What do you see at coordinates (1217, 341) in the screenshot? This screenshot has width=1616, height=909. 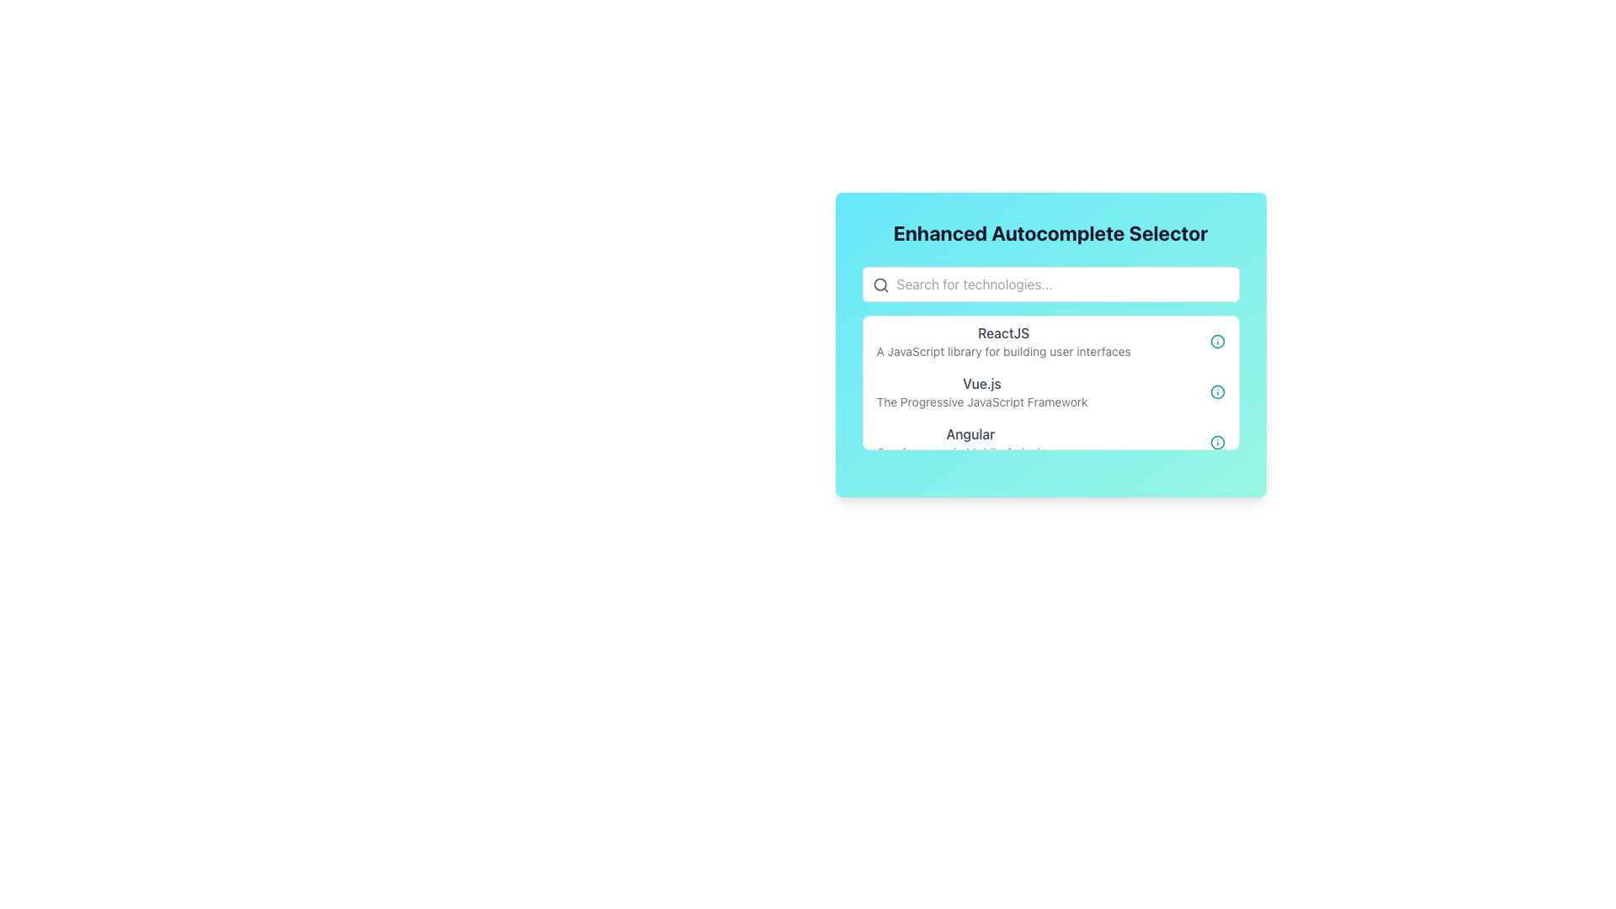 I see `the SVG Circle that visually represents the structure of an informational icon, located adjacent to the list item labeled 'Vue.js'` at bounding box center [1217, 341].